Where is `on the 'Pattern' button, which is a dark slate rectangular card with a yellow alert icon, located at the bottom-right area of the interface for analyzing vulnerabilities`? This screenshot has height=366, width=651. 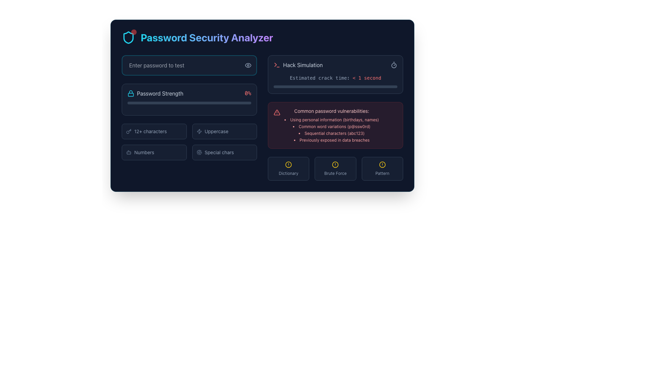 on the 'Pattern' button, which is a dark slate rectangular card with a yellow alert icon, located at the bottom-right area of the interface for analyzing vulnerabilities is located at coordinates (382, 168).